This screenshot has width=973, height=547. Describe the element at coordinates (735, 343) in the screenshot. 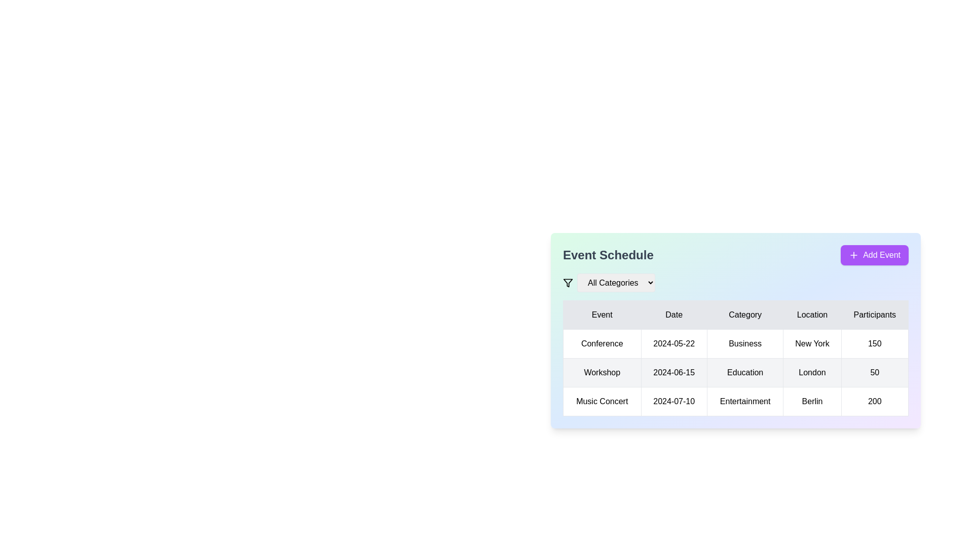

I see `the first row of the data table in the 'Event Schedule' section, which displays event details including 'Conference' and is positioned above the 'Workshop' and 'Music Concert' entries, to select it if it has dynamic behavior` at that location.